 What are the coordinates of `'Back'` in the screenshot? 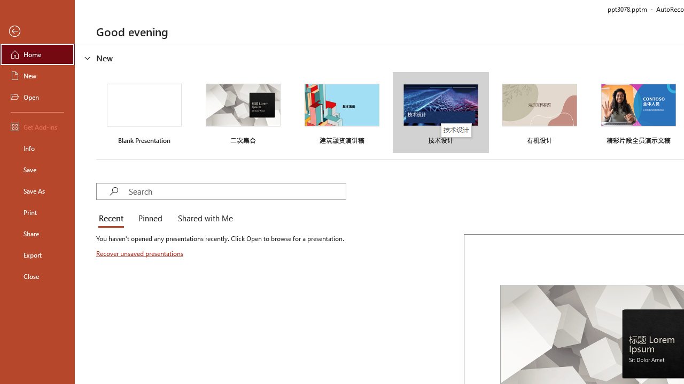 It's located at (37, 31).